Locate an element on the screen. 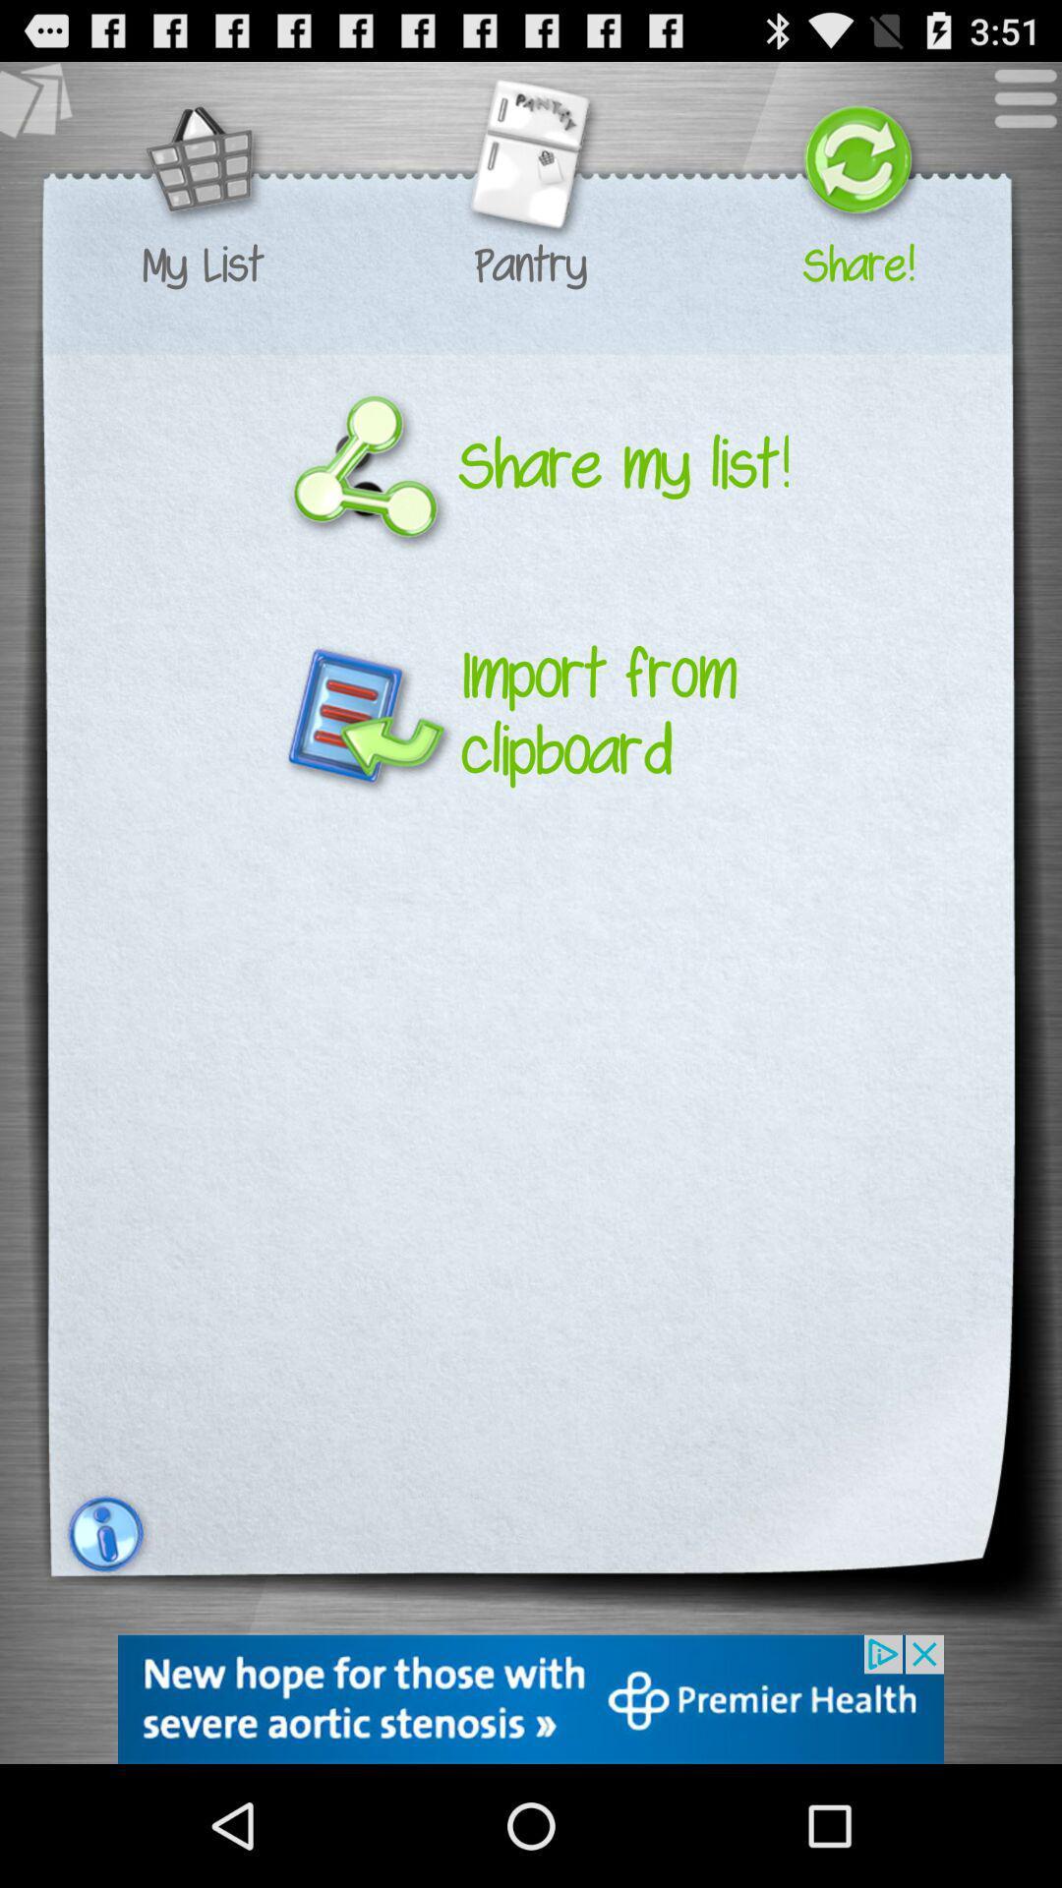 This screenshot has width=1062, height=1888. the text which is below the second image on top is located at coordinates (529, 265).